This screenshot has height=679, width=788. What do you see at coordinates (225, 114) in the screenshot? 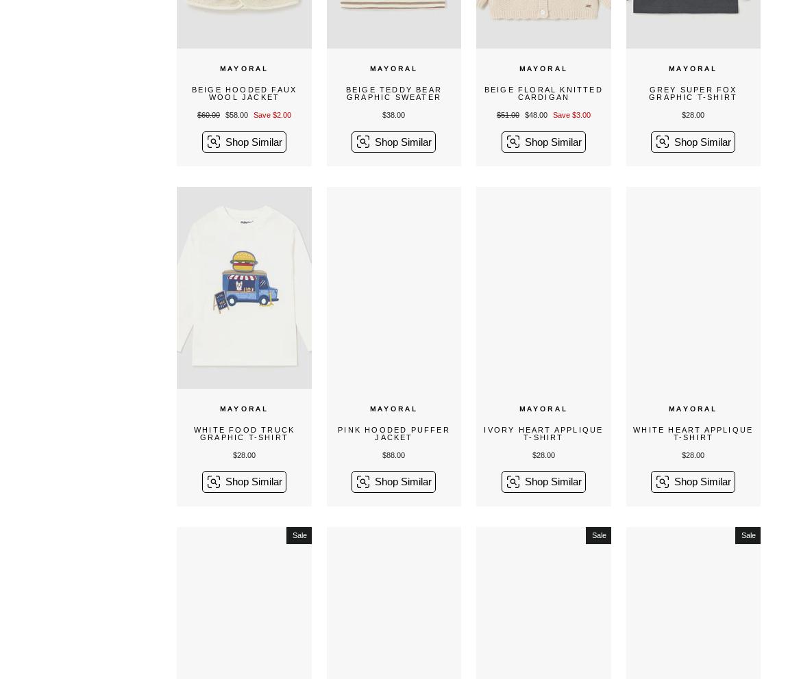
I see `'$58.00'` at bounding box center [225, 114].